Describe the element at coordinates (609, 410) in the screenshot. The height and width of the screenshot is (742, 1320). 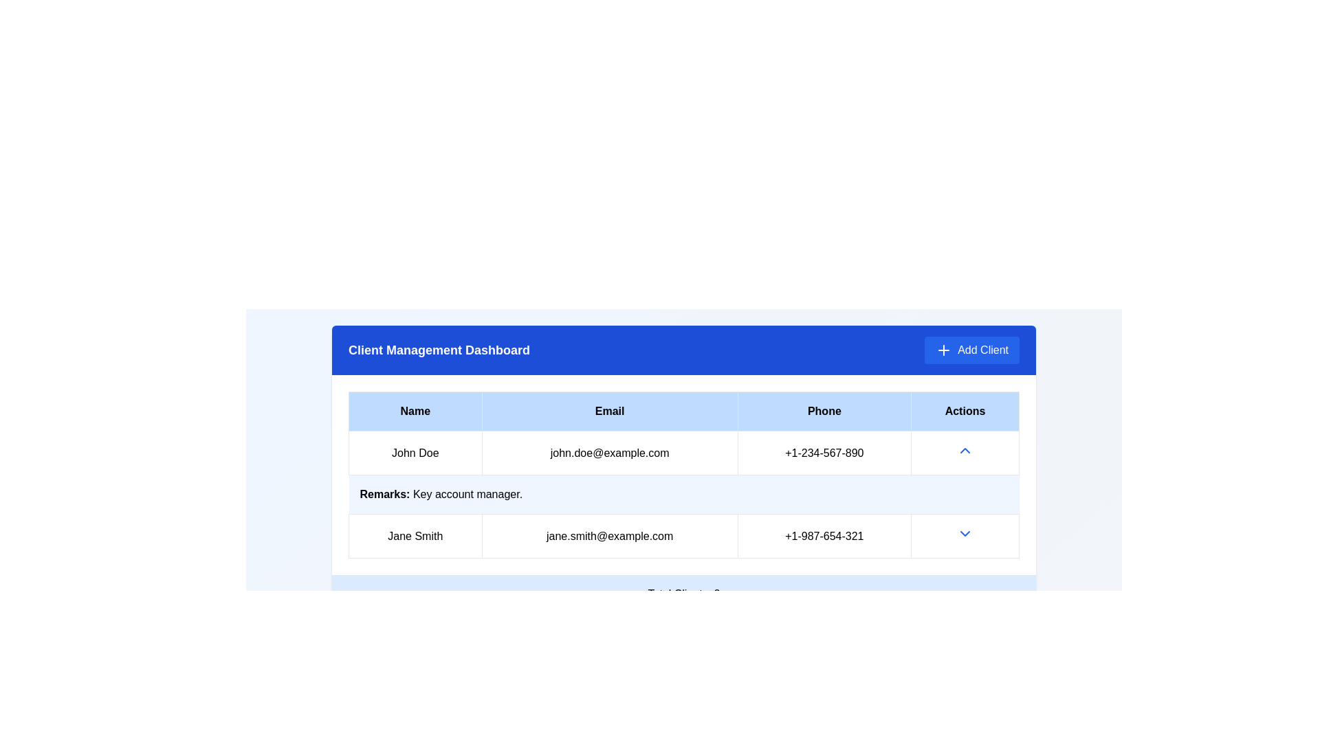
I see `the header text label displaying 'Email', which is bolded in black on a light blue background, positioned in the second column of the header row in a table-like layout` at that location.